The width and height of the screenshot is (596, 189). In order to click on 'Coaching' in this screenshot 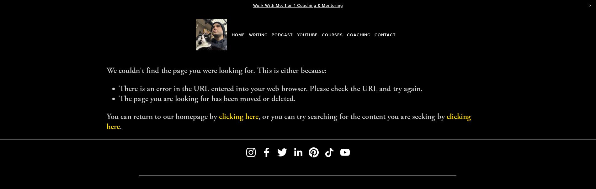, I will do `click(359, 34)`.